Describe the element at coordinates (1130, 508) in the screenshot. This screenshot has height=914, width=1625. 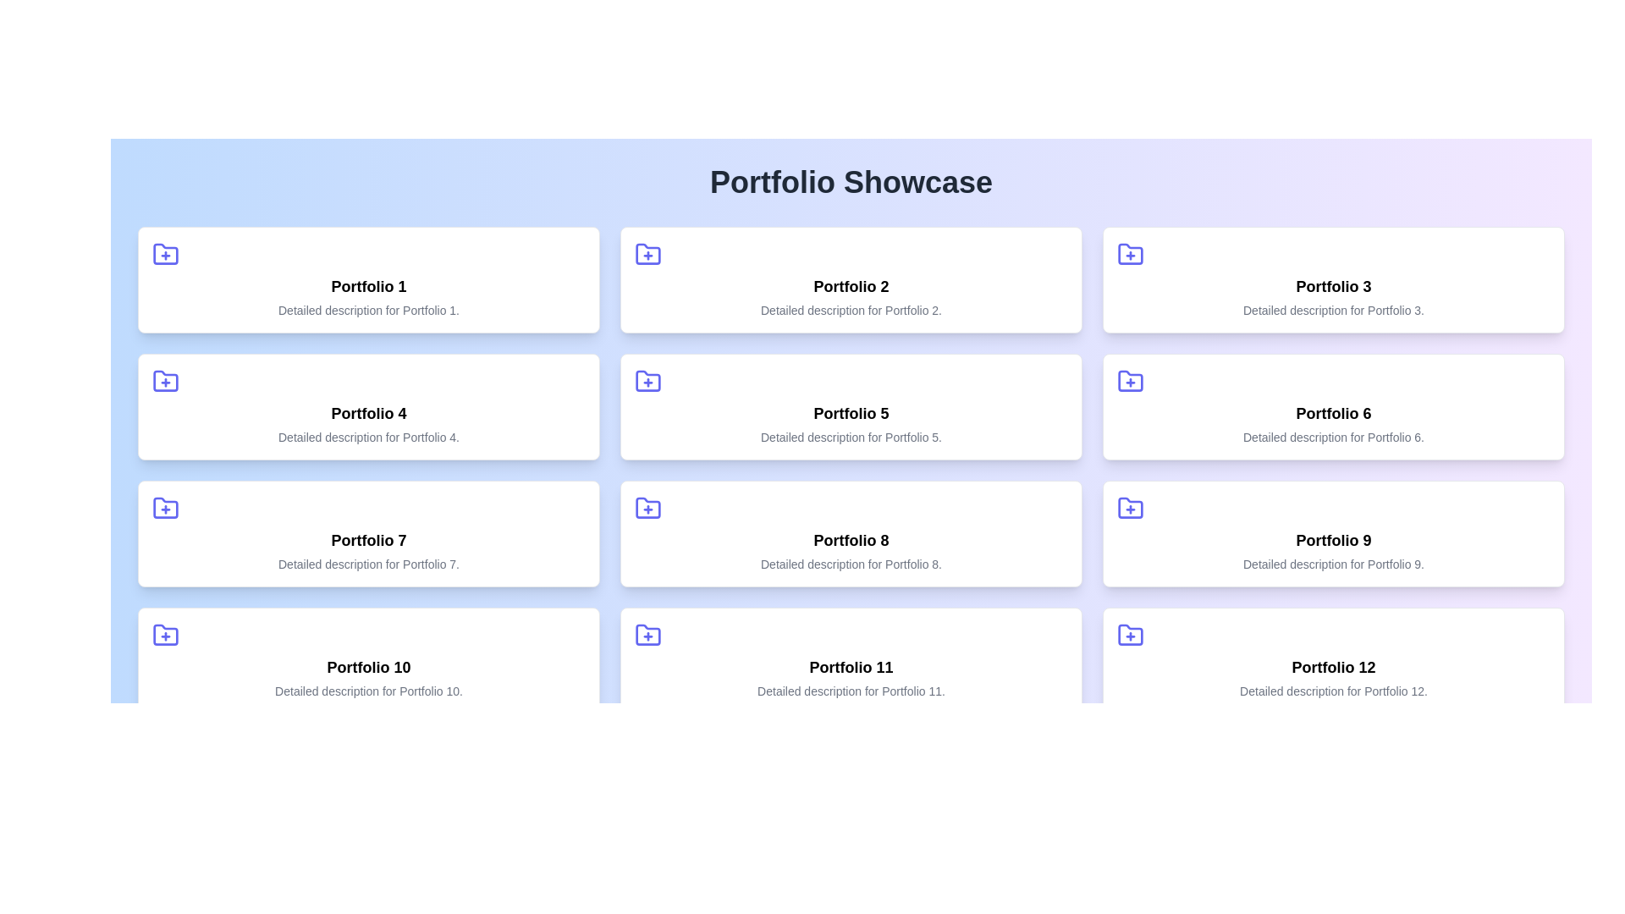
I see `the indigo-colored folder icon with a plus symbol inside, located at the top-left corner of the card labeled 'Portfolio 9', to initiate the add action` at that location.